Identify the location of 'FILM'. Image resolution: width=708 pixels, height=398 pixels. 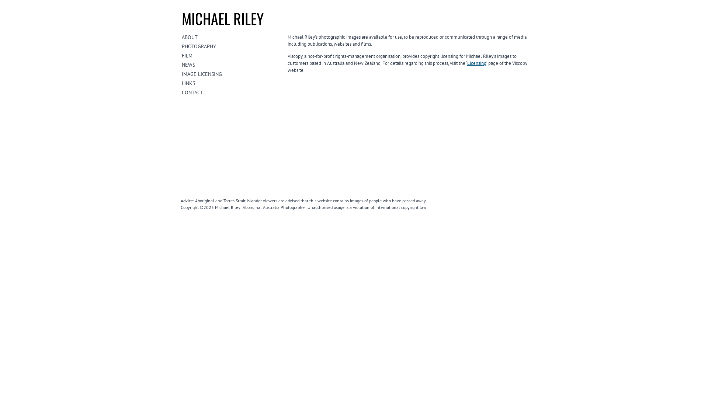
(182, 55).